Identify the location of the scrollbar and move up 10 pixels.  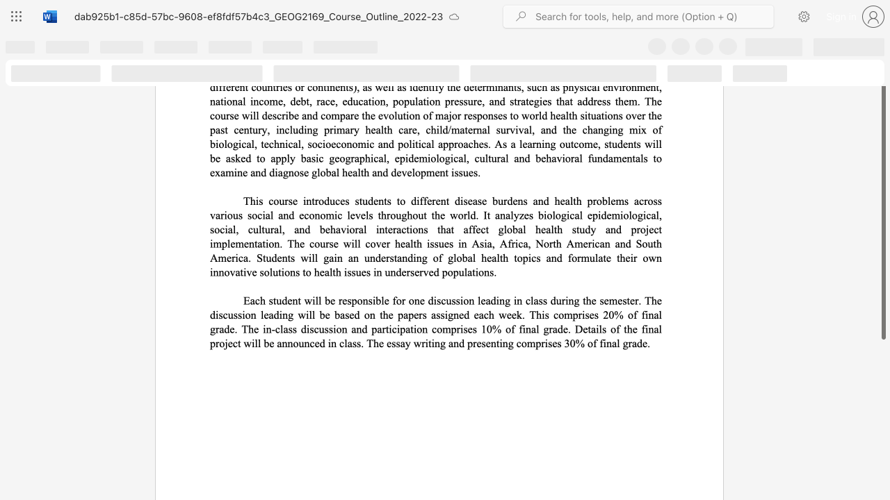
(882, 202).